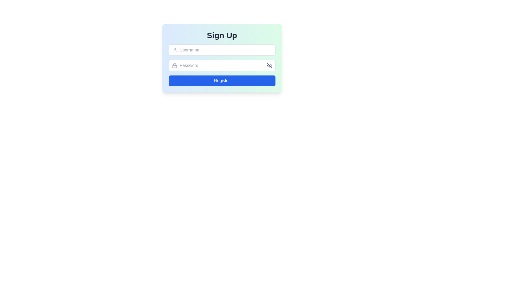 The width and height of the screenshot is (512, 288). Describe the element at coordinates (269, 65) in the screenshot. I see `the password visibility toggle button, which is represented by an eye icon with a slash, located at the right edge of the password input field` at that location.